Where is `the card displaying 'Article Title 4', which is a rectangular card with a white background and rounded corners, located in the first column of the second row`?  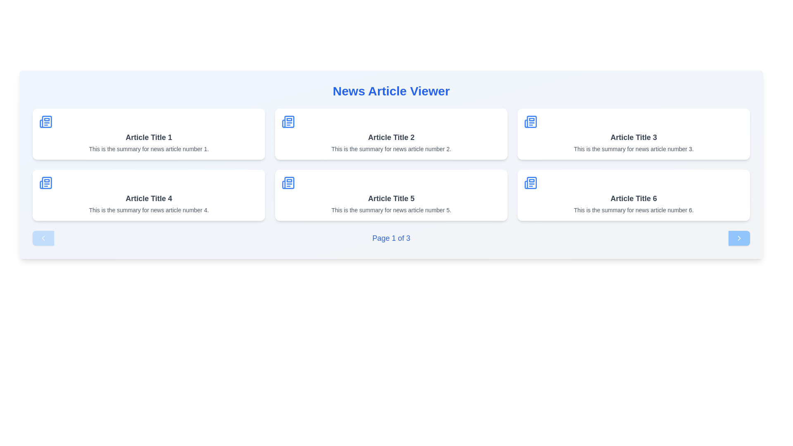 the card displaying 'Article Title 4', which is a rectangular card with a white background and rounded corners, located in the first column of the second row is located at coordinates (149, 195).